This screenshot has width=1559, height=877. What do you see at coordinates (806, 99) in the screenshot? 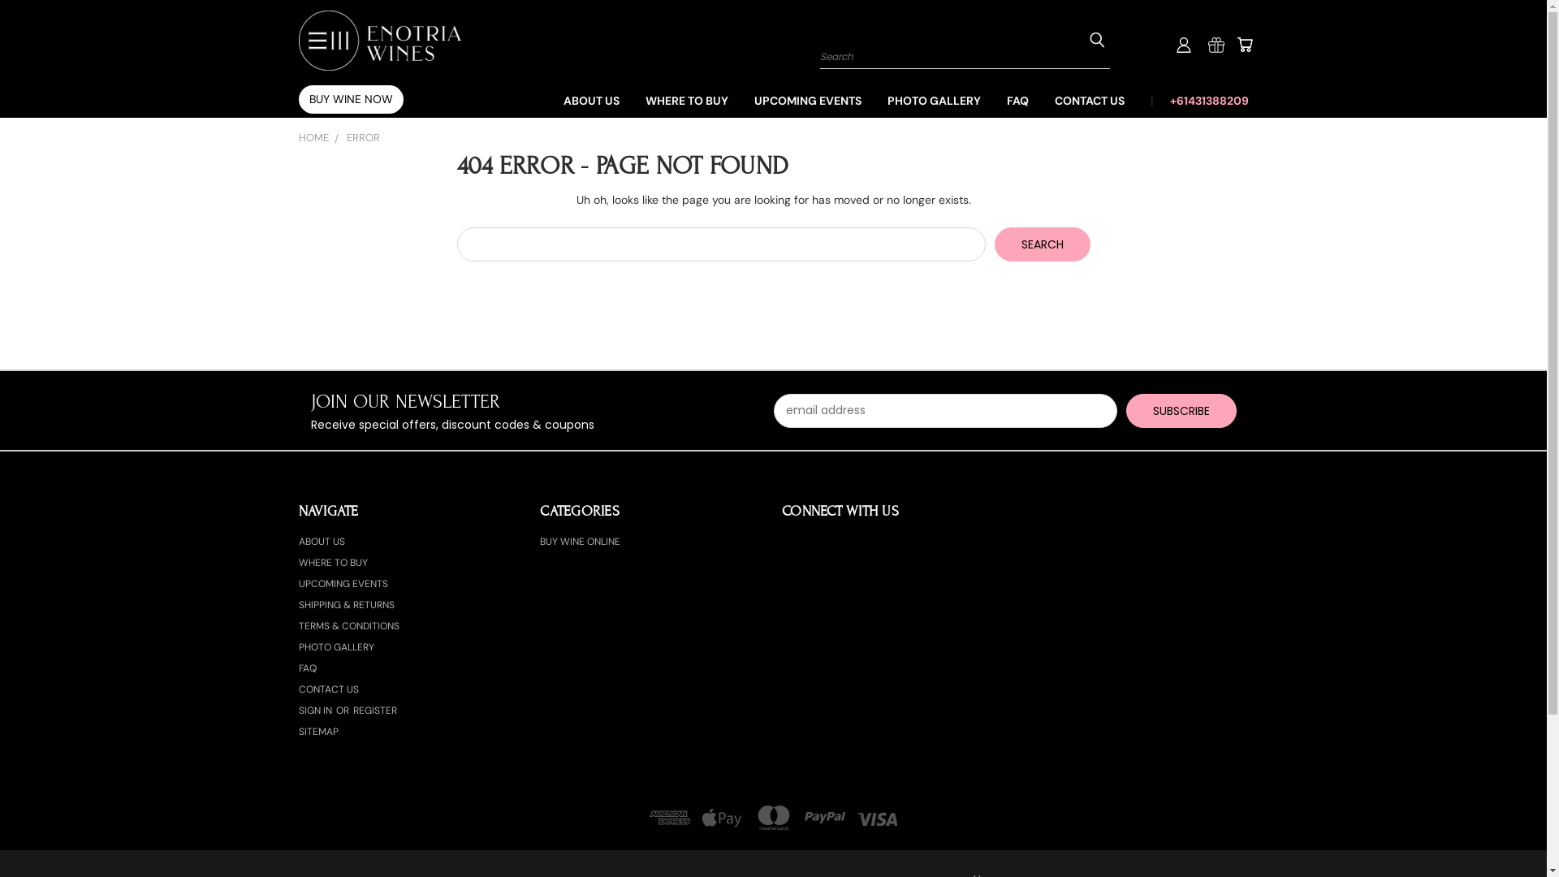
I see `'UPCOMING EVENTS'` at bounding box center [806, 99].